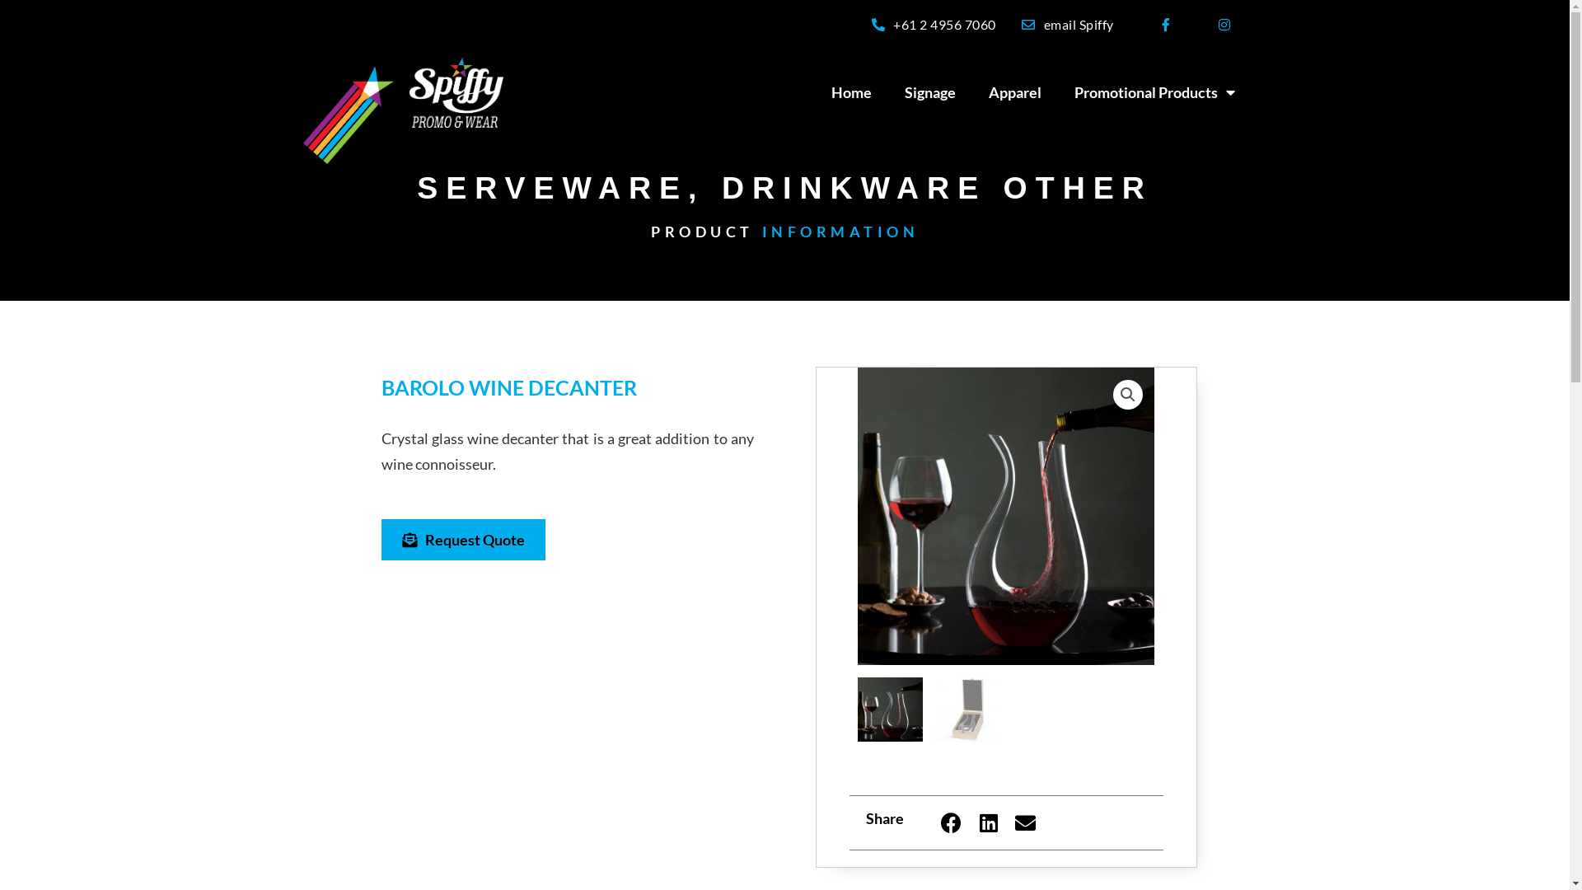  What do you see at coordinates (1065, 24) in the screenshot?
I see `'email Spiffy'` at bounding box center [1065, 24].